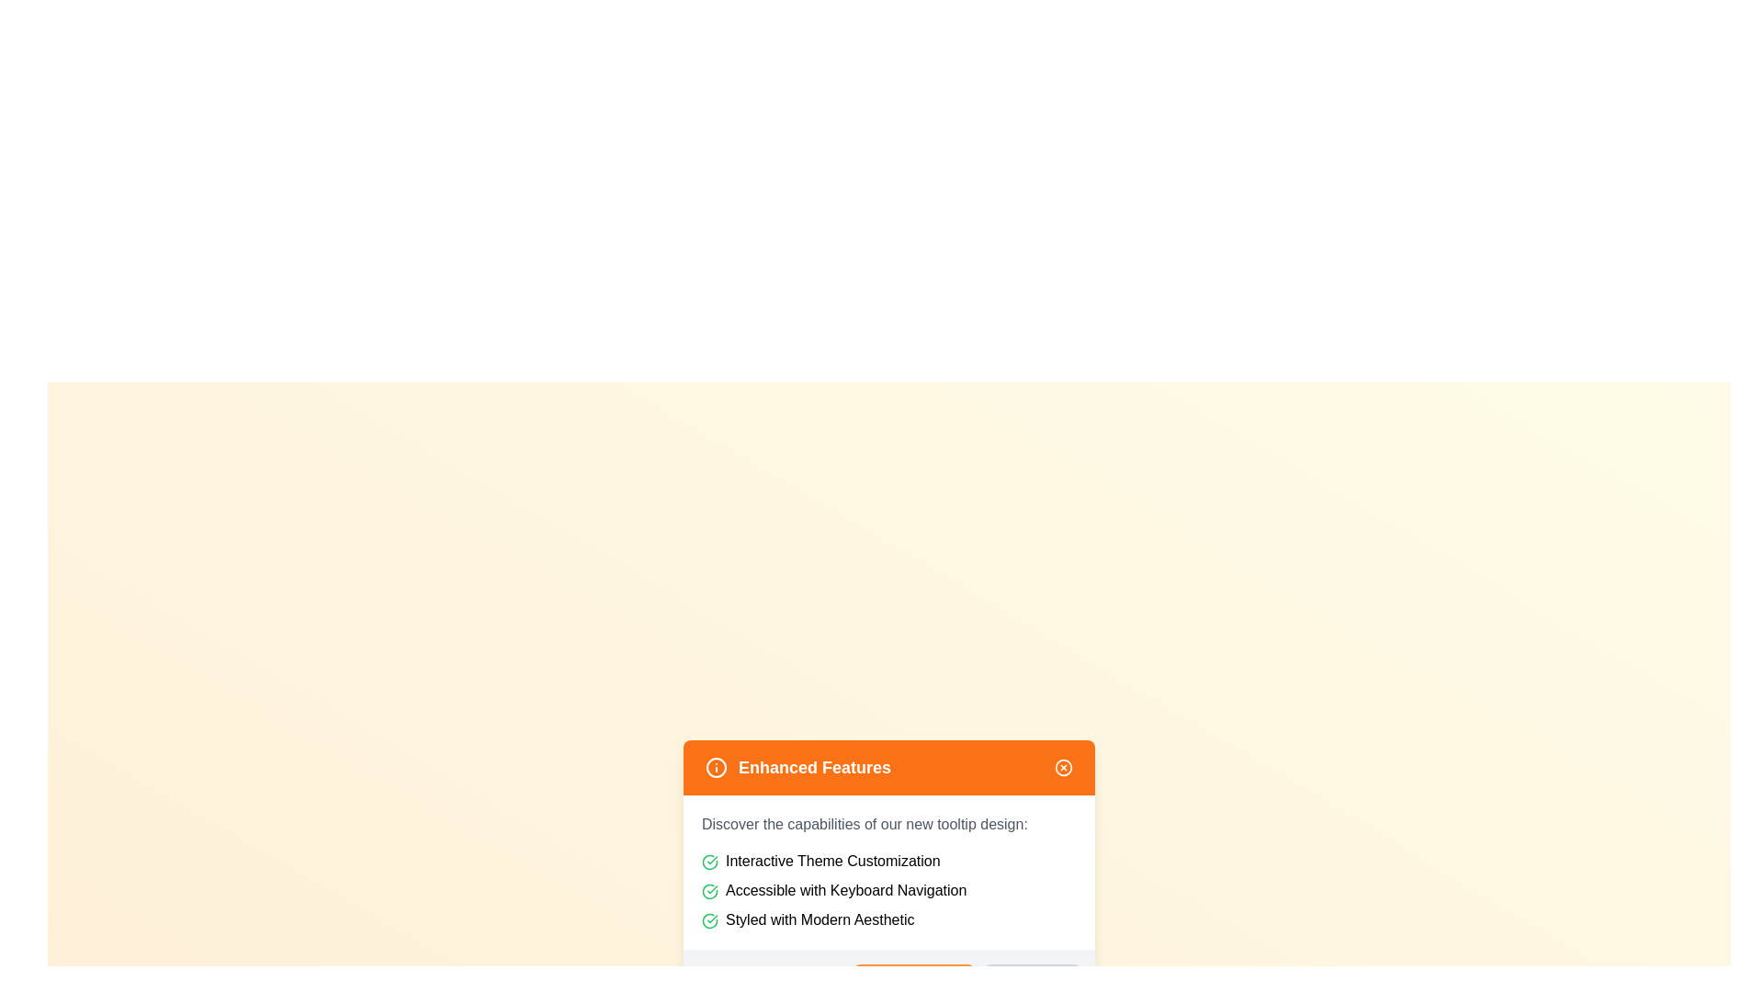 This screenshot has width=1764, height=992. I want to click on the small circular icon located within the orange header, positioned, so click(715, 768).